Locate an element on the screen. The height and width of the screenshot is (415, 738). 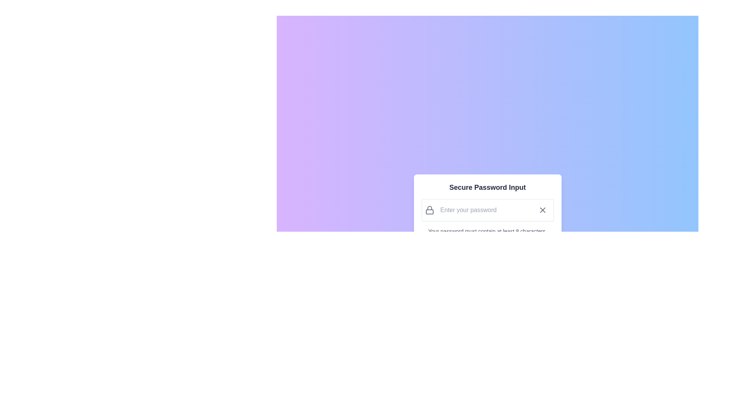
the Password Input Field located in the 'Secure Password Input' dialog box to focus on it for entering a password is located at coordinates (487, 210).